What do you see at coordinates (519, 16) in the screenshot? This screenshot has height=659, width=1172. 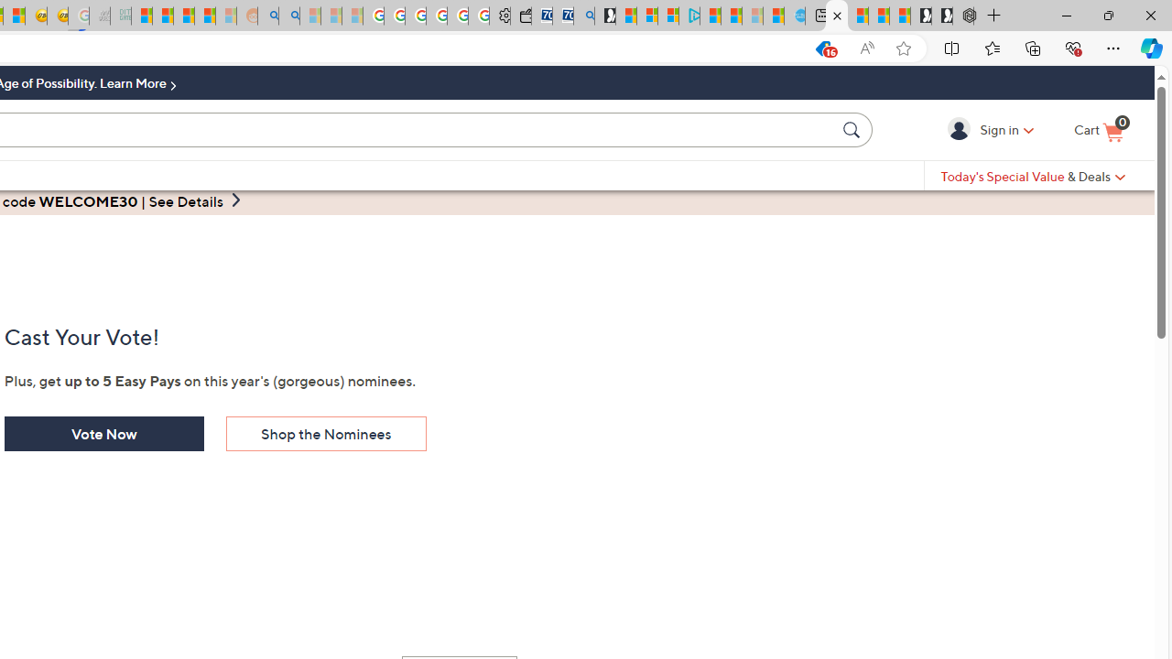 I see `'Wallet'` at bounding box center [519, 16].